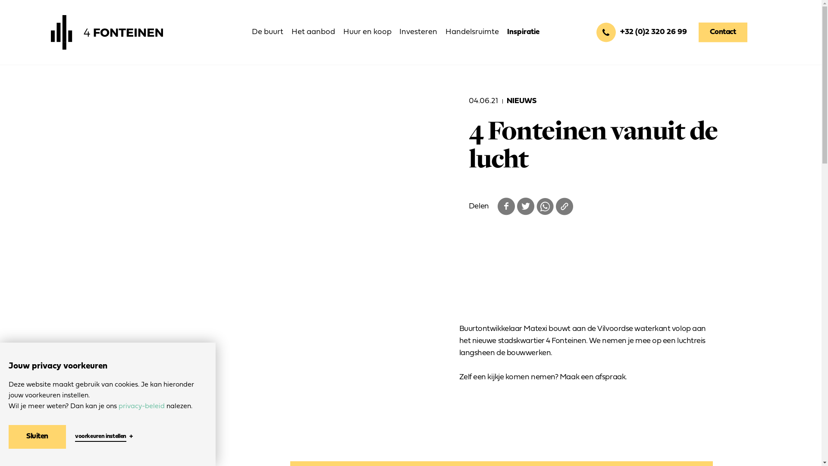 This screenshot has height=466, width=828. I want to click on 'De buurt', so click(267, 31).